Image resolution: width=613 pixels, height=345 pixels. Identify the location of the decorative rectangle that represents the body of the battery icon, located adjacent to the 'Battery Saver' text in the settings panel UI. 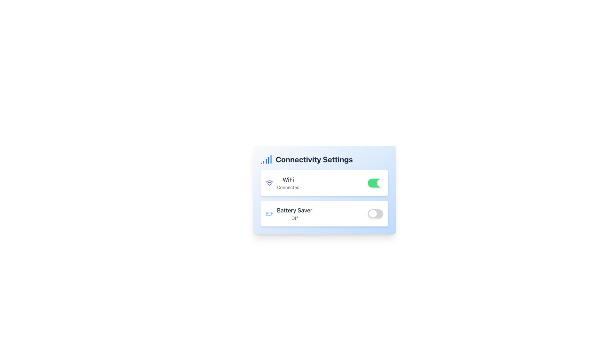
(269, 213).